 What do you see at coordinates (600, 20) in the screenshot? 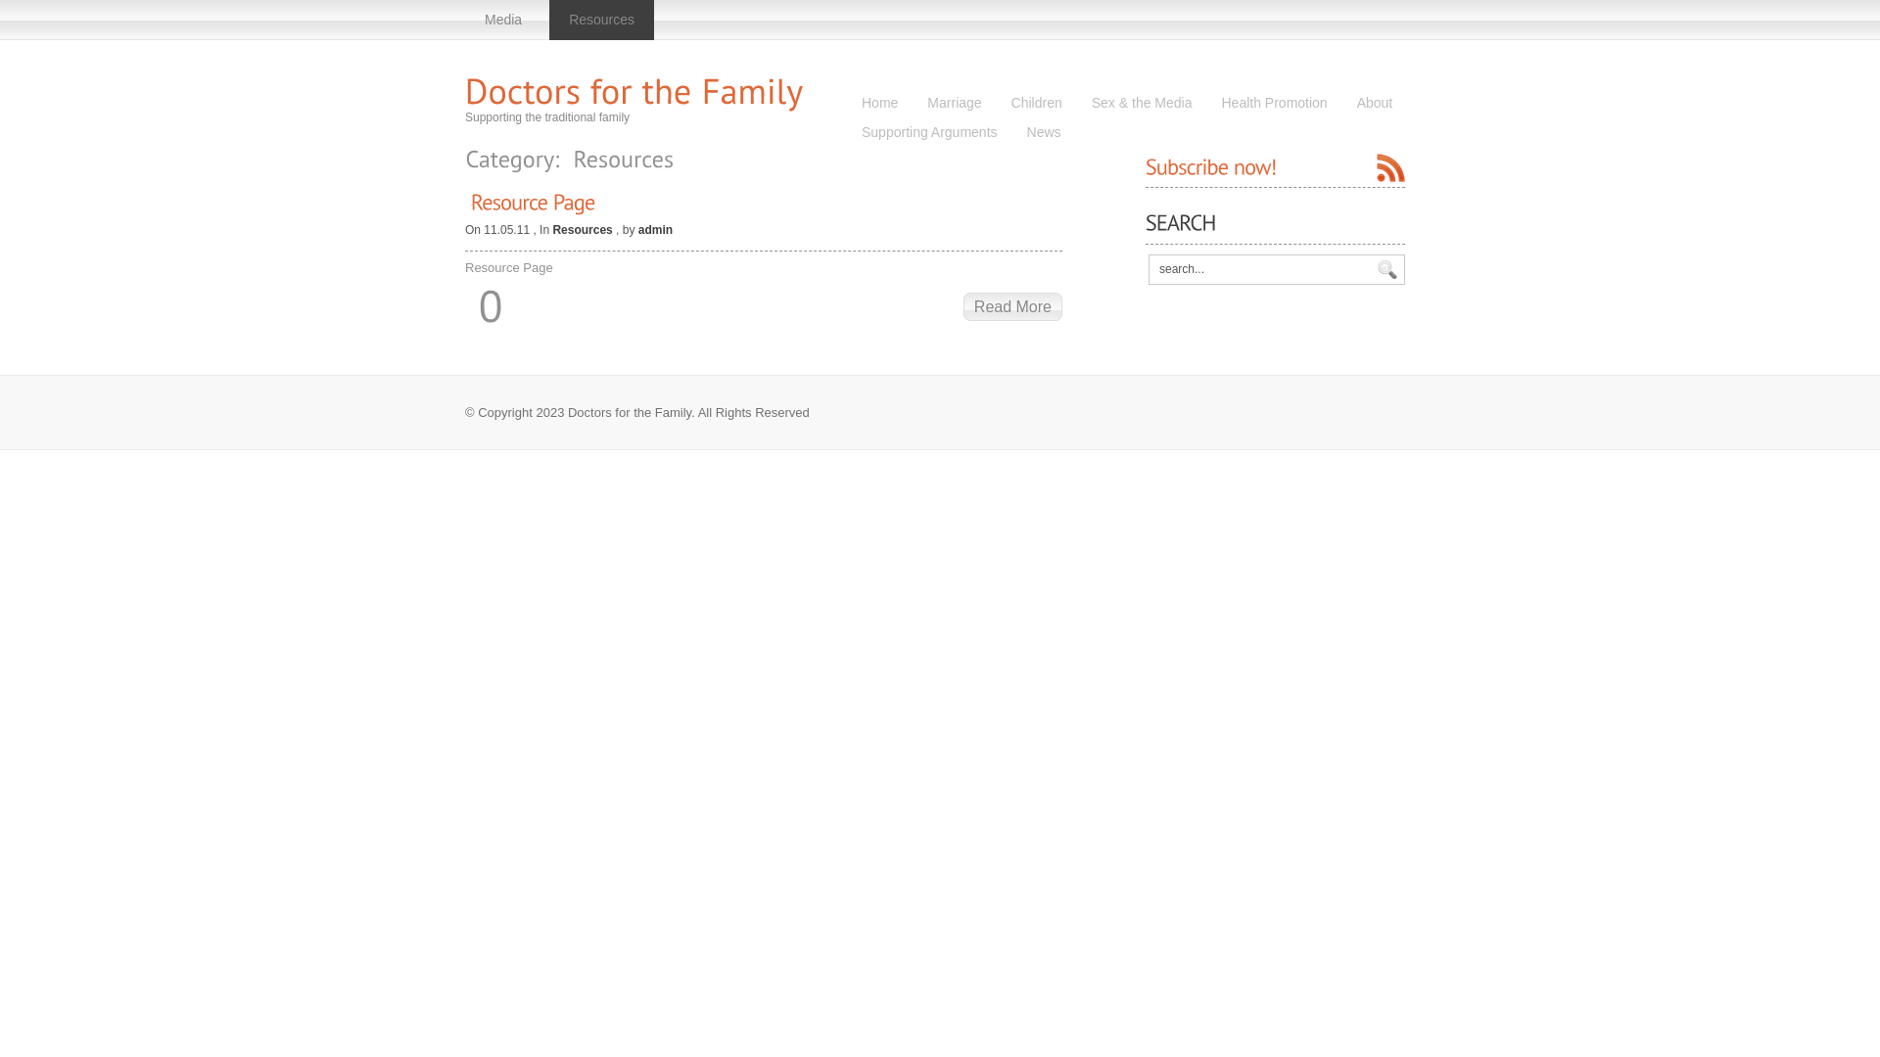
I see `'Resources'` at bounding box center [600, 20].